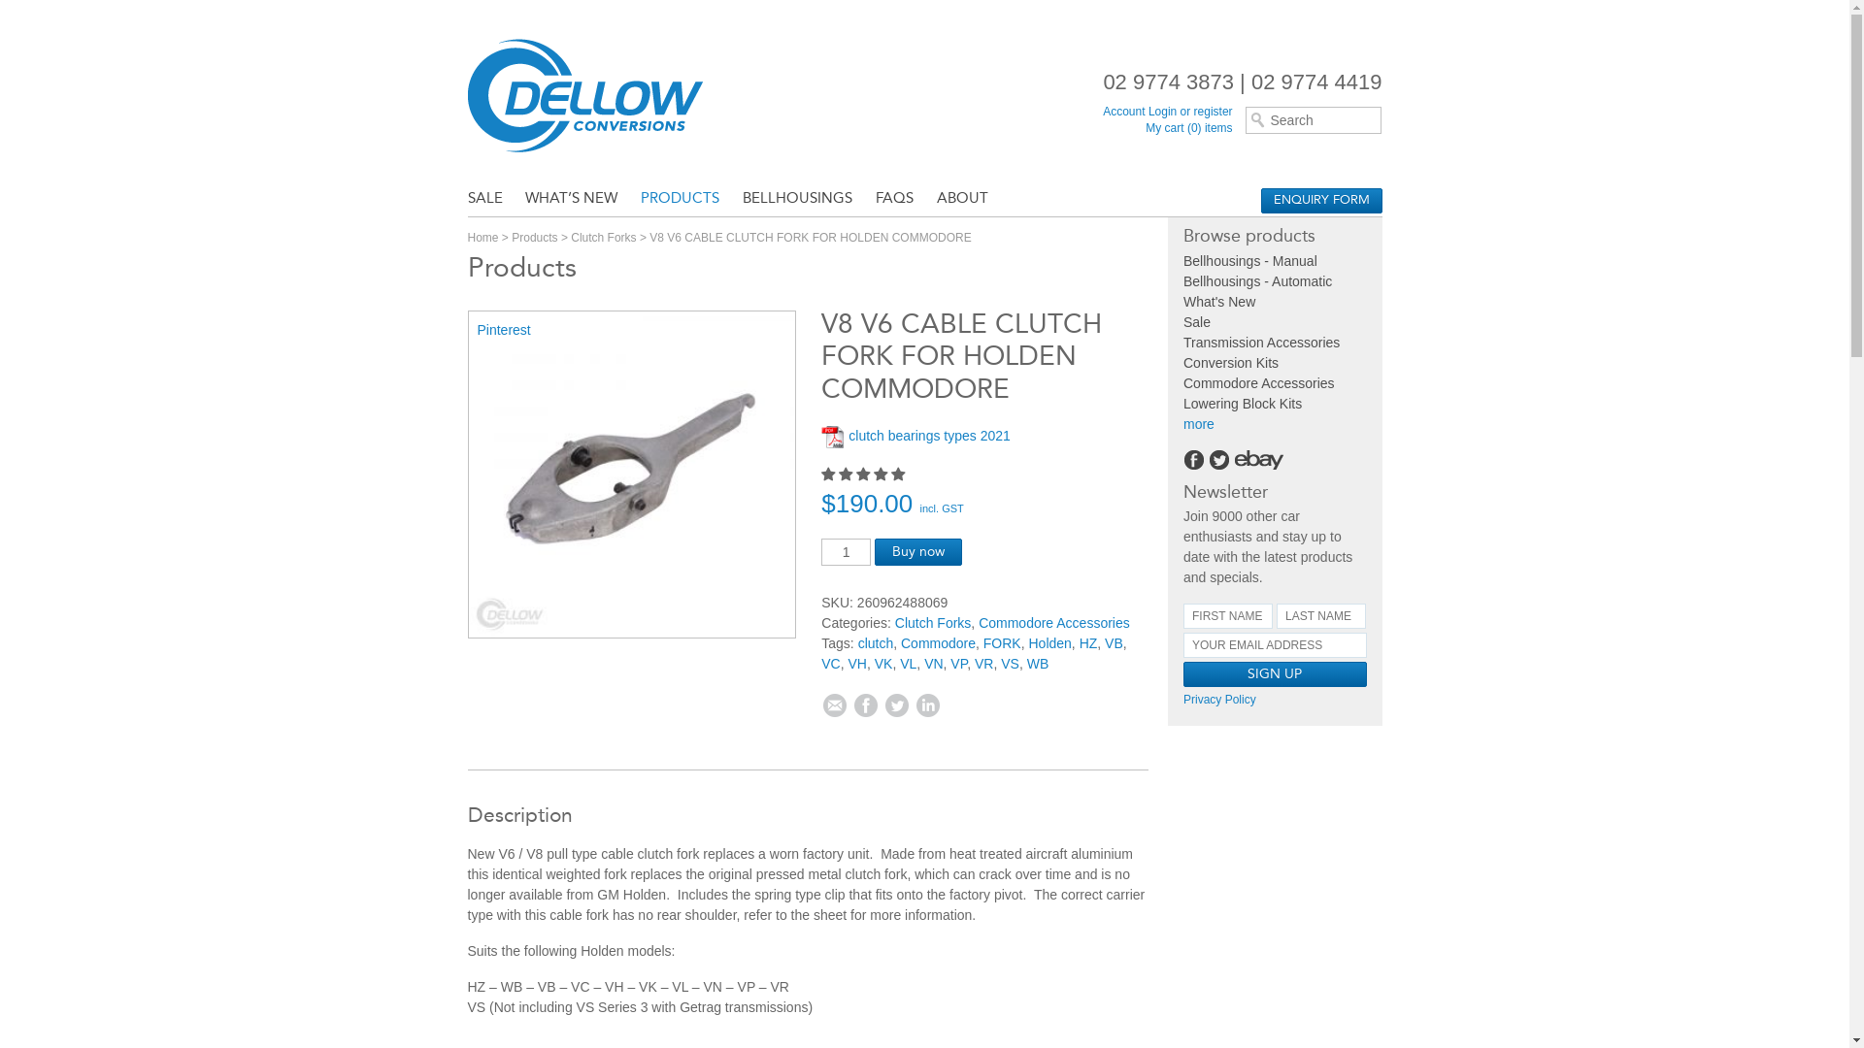 The image size is (1864, 1048). What do you see at coordinates (1187, 127) in the screenshot?
I see `'My cart (0) items'` at bounding box center [1187, 127].